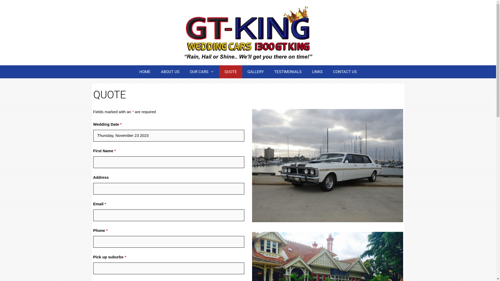 The height and width of the screenshot is (281, 500). What do you see at coordinates (345, 72) in the screenshot?
I see `'CONTACT US'` at bounding box center [345, 72].